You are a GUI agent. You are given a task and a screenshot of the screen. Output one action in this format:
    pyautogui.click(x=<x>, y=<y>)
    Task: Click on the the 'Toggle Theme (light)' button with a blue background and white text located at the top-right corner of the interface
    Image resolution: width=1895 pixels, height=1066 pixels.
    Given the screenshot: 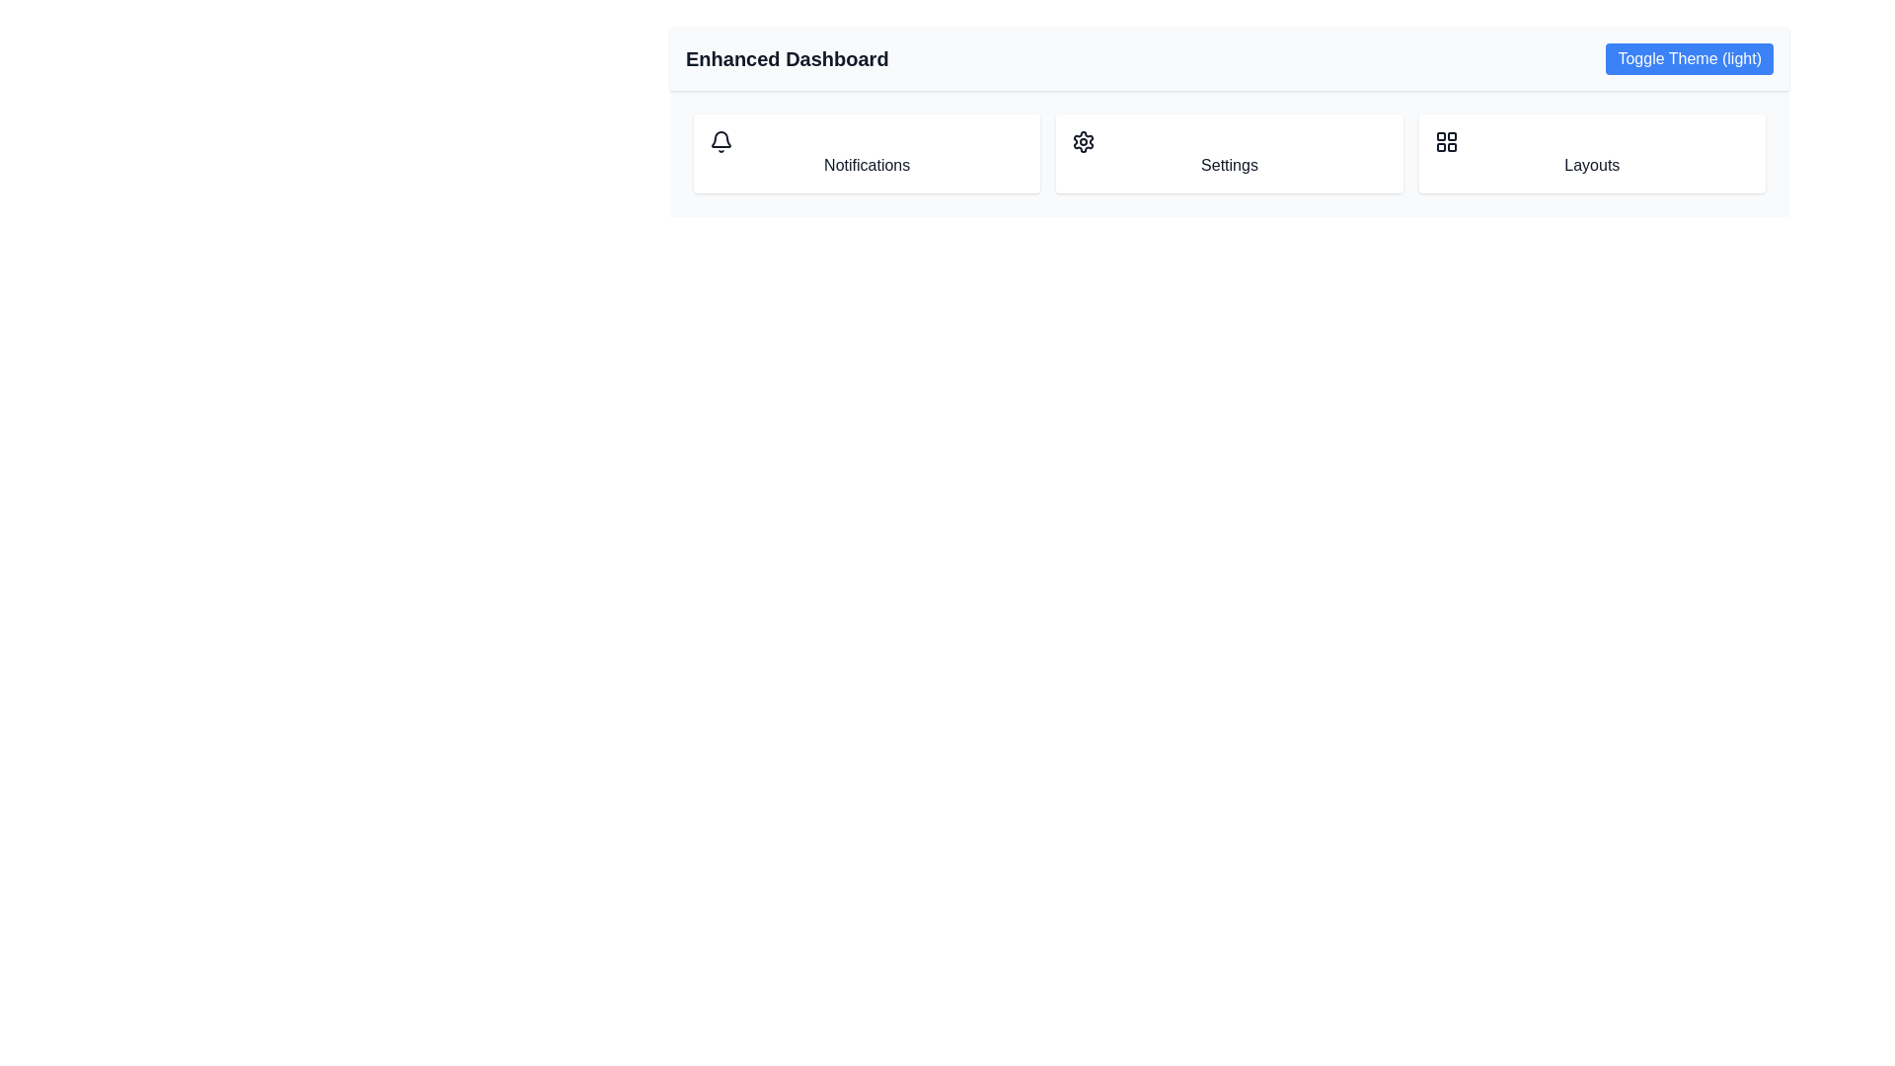 What is the action you would take?
    pyautogui.click(x=1689, y=58)
    